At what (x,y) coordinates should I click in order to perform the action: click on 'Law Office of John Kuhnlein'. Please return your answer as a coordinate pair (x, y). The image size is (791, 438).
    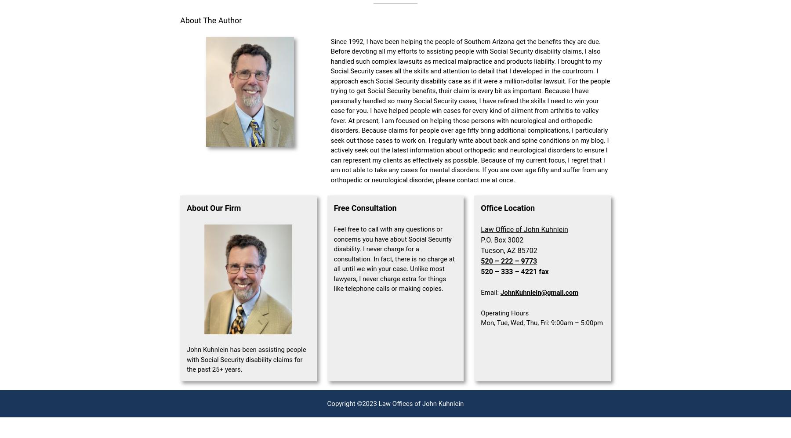
    Looking at the image, I should click on (524, 229).